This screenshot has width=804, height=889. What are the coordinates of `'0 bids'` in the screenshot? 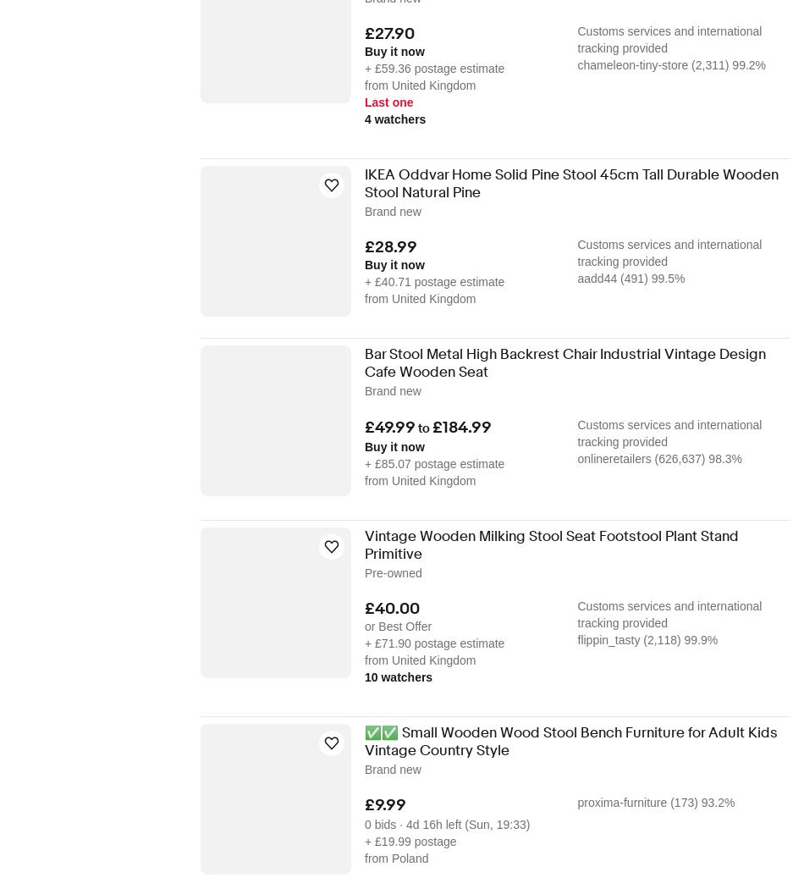 It's located at (379, 823).